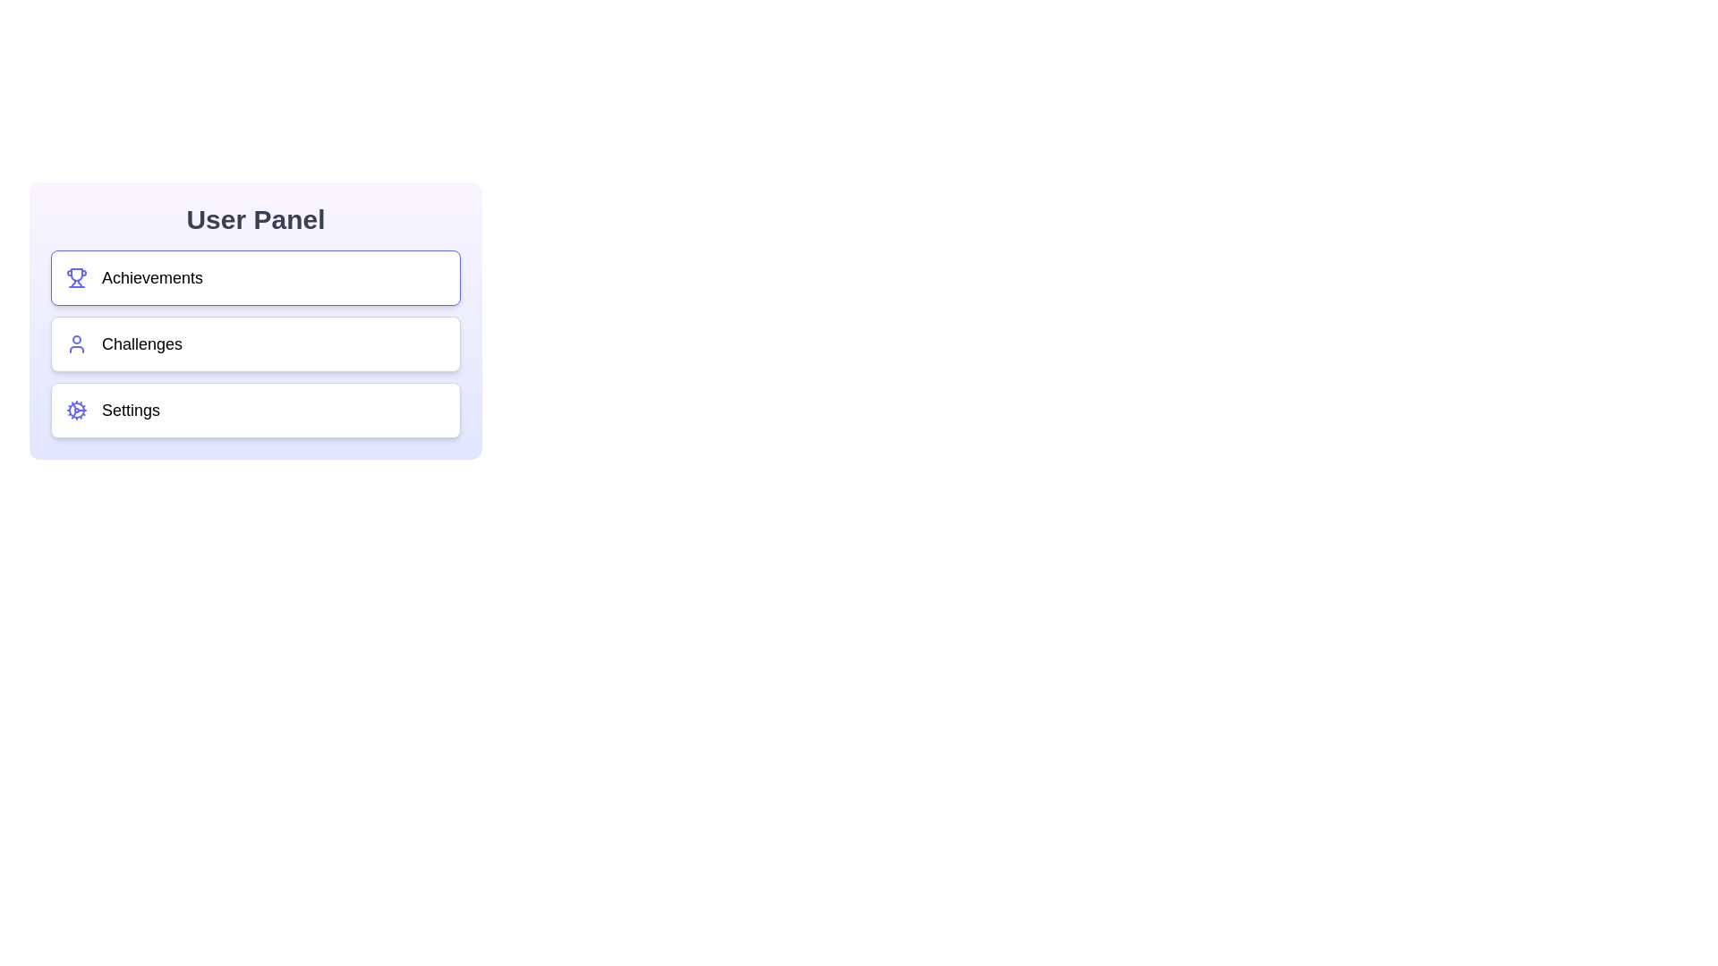 The height and width of the screenshot is (966, 1718). Describe the element at coordinates (76, 278) in the screenshot. I see `the section icon corresponding to Achievements to inspect it` at that location.